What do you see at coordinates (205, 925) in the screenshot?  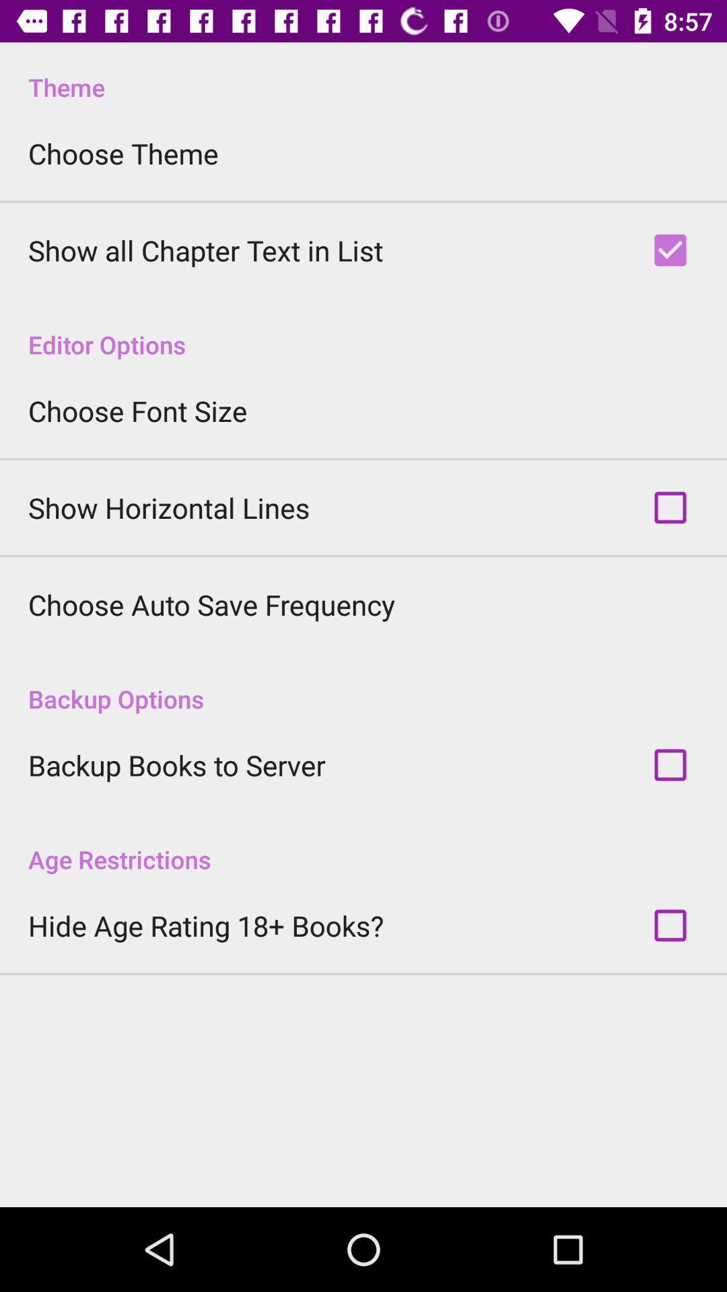 I see `the item at the bottom left corner` at bounding box center [205, 925].